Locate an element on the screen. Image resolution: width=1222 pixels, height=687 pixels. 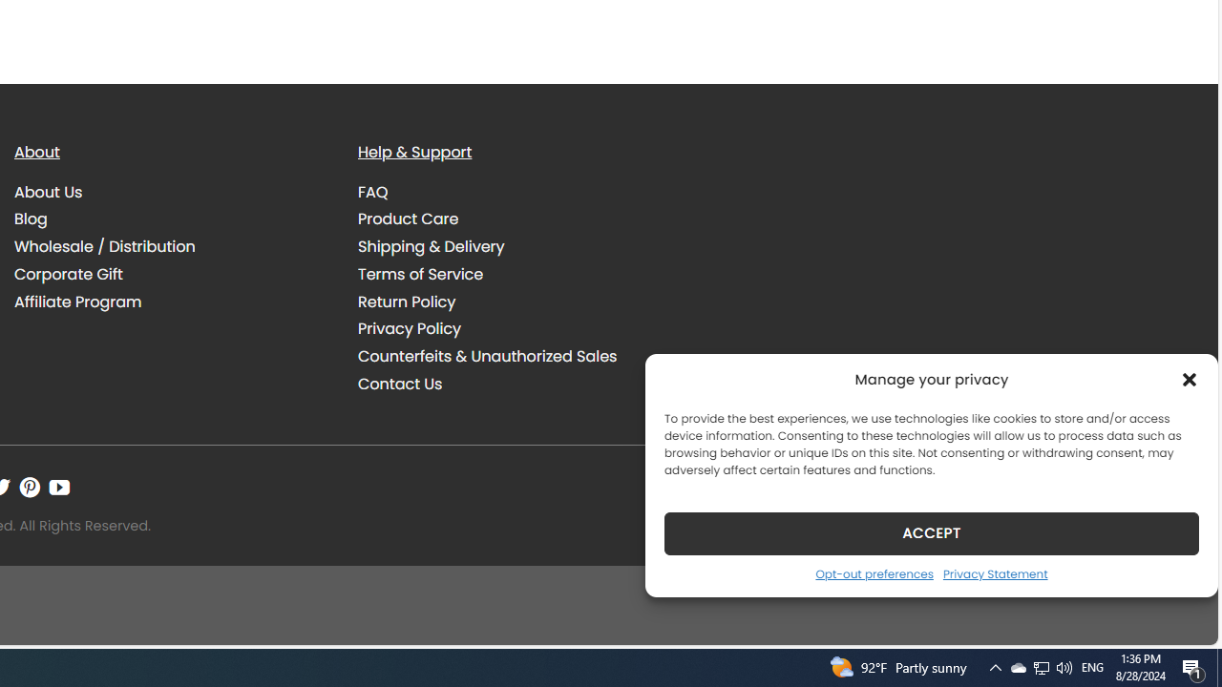
'FAQ' is located at coordinates (373, 191).